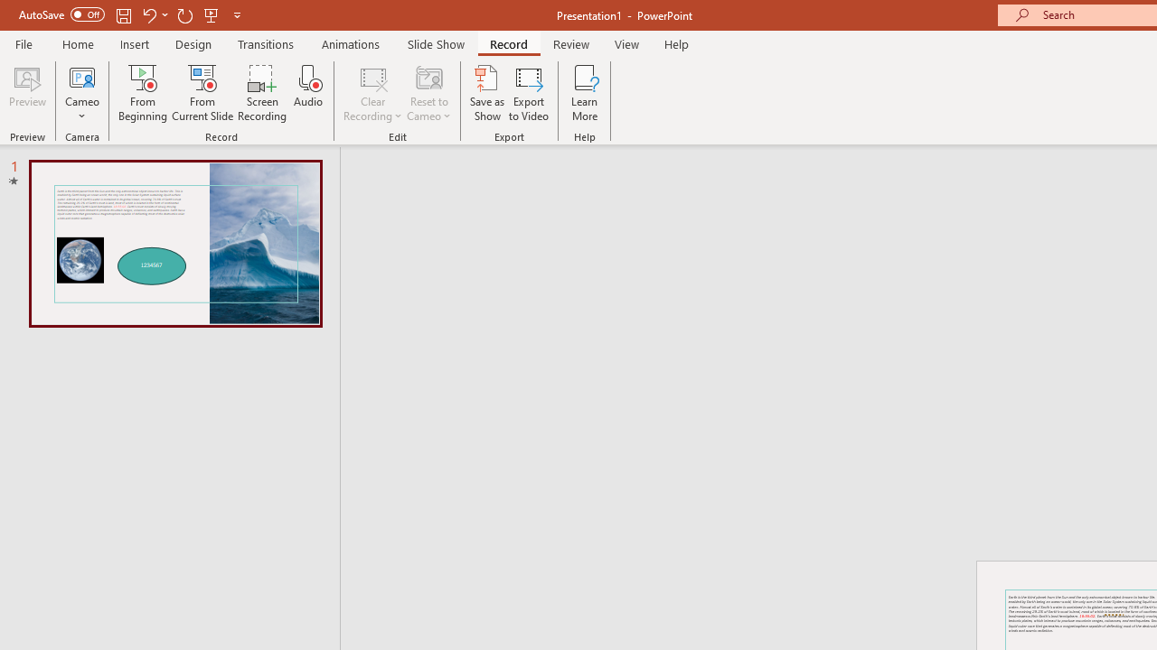 Image resolution: width=1157 pixels, height=650 pixels. Describe the element at coordinates (585, 93) in the screenshot. I see `'Learn More'` at that location.